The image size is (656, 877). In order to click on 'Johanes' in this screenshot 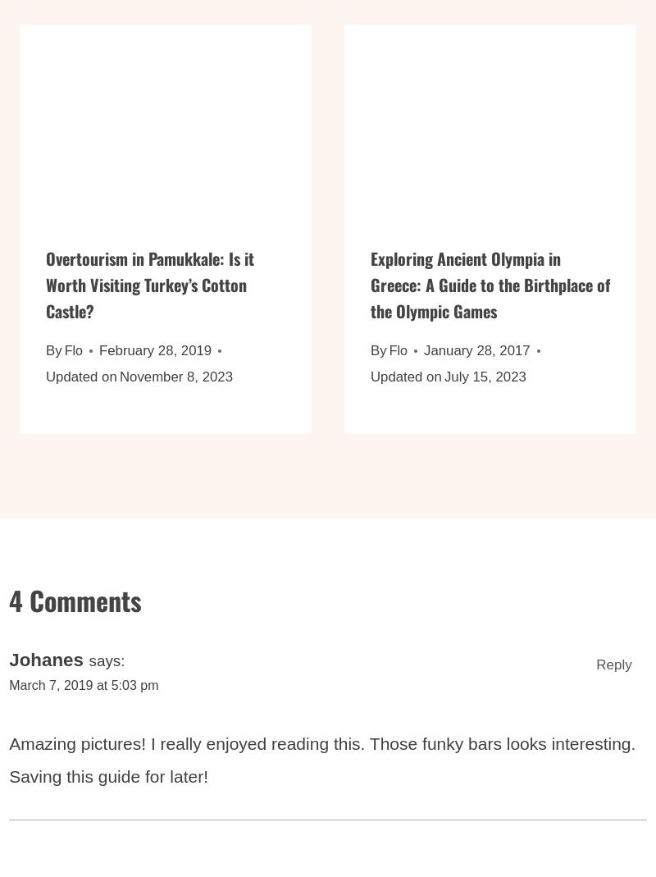, I will do `click(47, 669)`.